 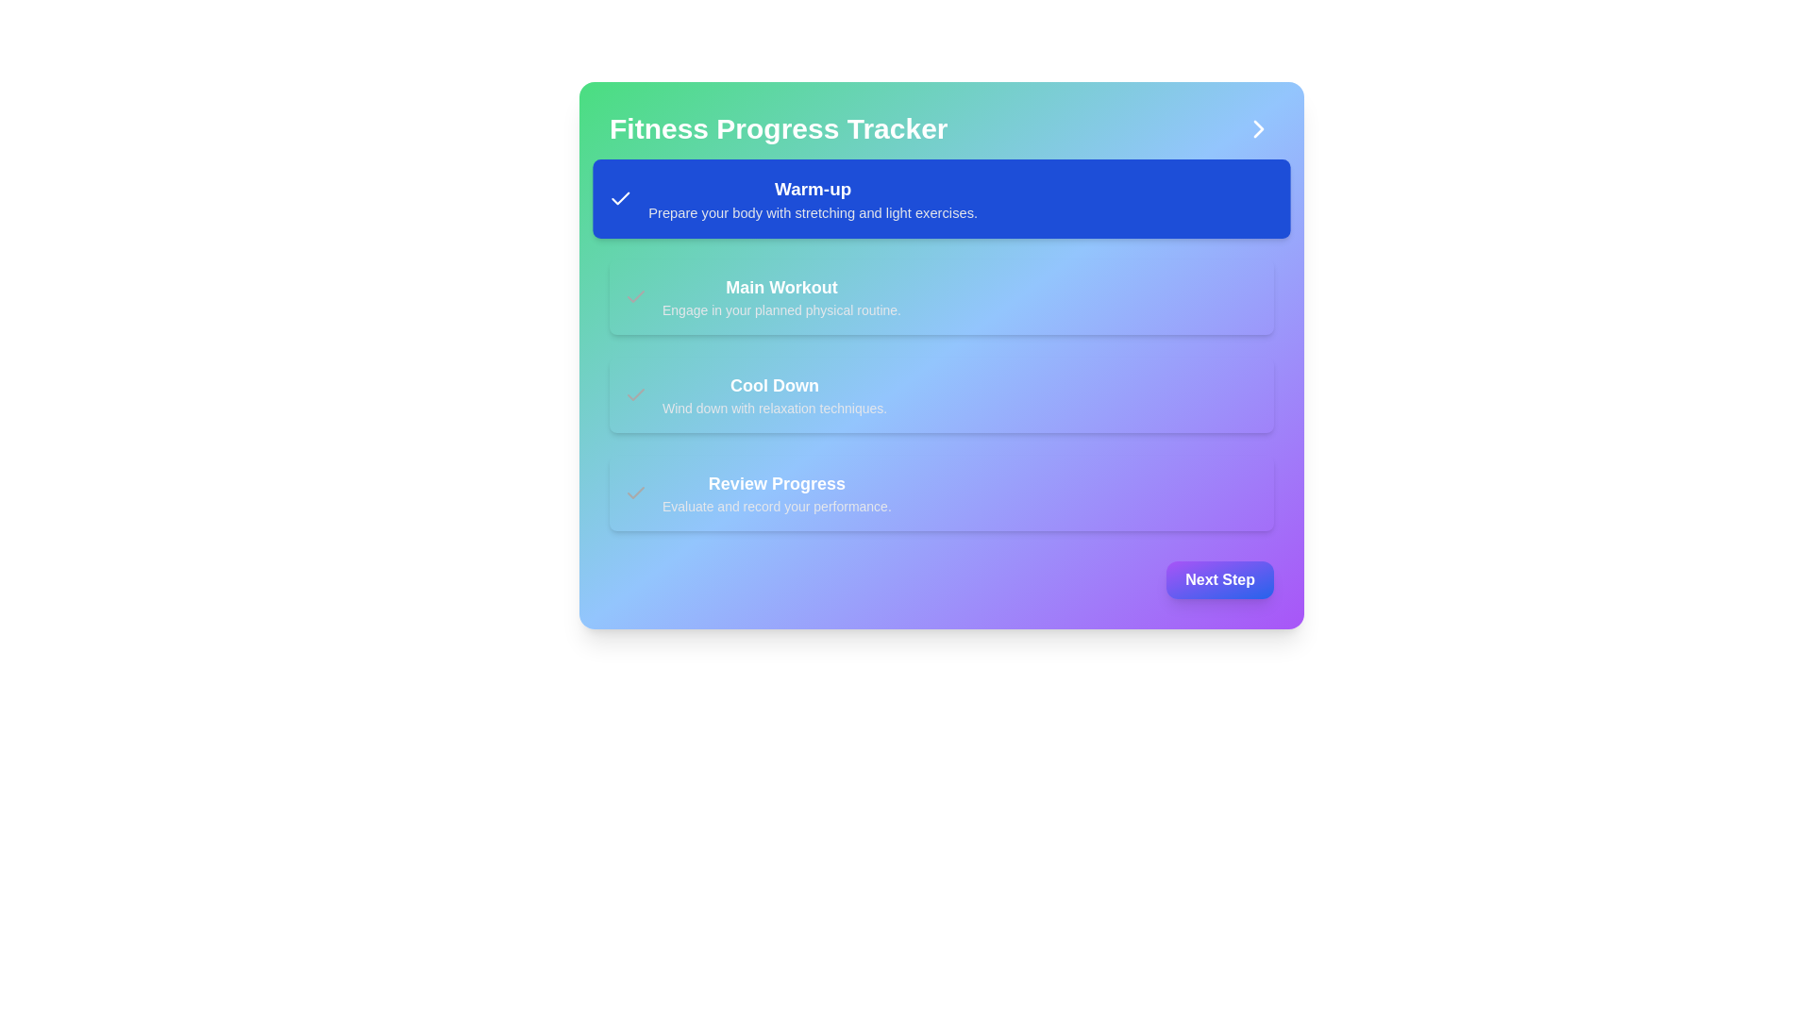 I want to click on the text label that reads 'Wind down with relaxation techniques.', which is positioned below the 'Cool Down' heading and styled in a small, muted light gray font, so click(x=774, y=407).